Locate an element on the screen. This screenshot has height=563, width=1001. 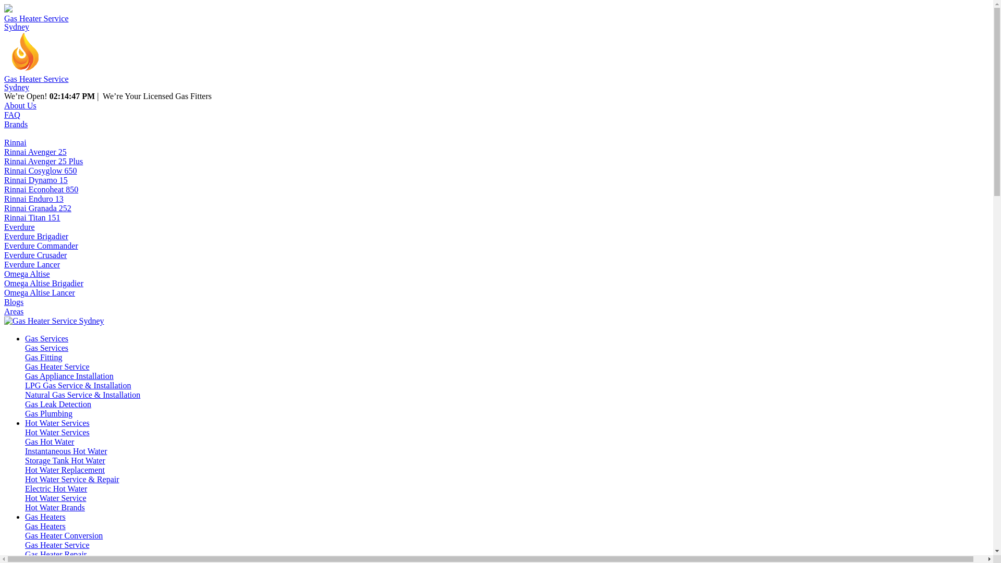
'Gas Appliance Installation' is located at coordinates (69, 376).